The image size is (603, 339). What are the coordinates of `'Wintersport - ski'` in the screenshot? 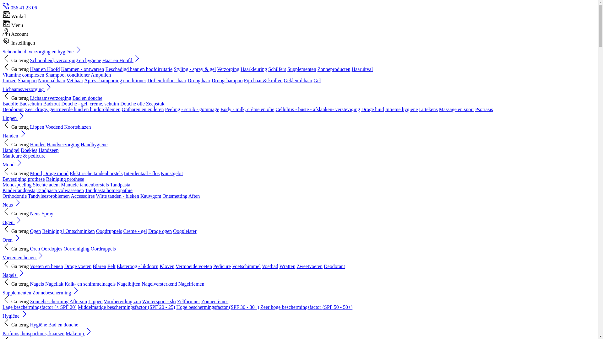 It's located at (159, 301).